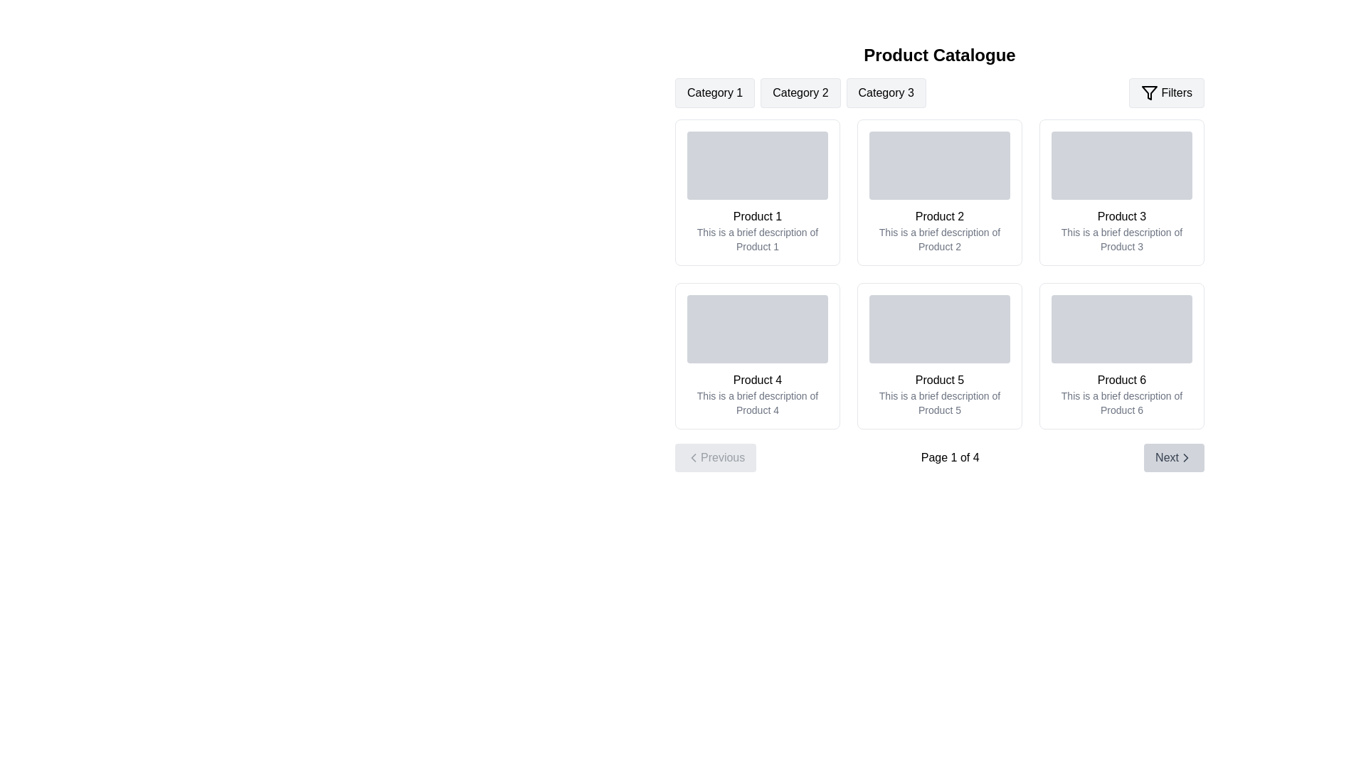  I want to click on the filter icon within the 'Filters' button located in the top-right corner of the interface to observe a tooltip or highlight, so click(1150, 93).